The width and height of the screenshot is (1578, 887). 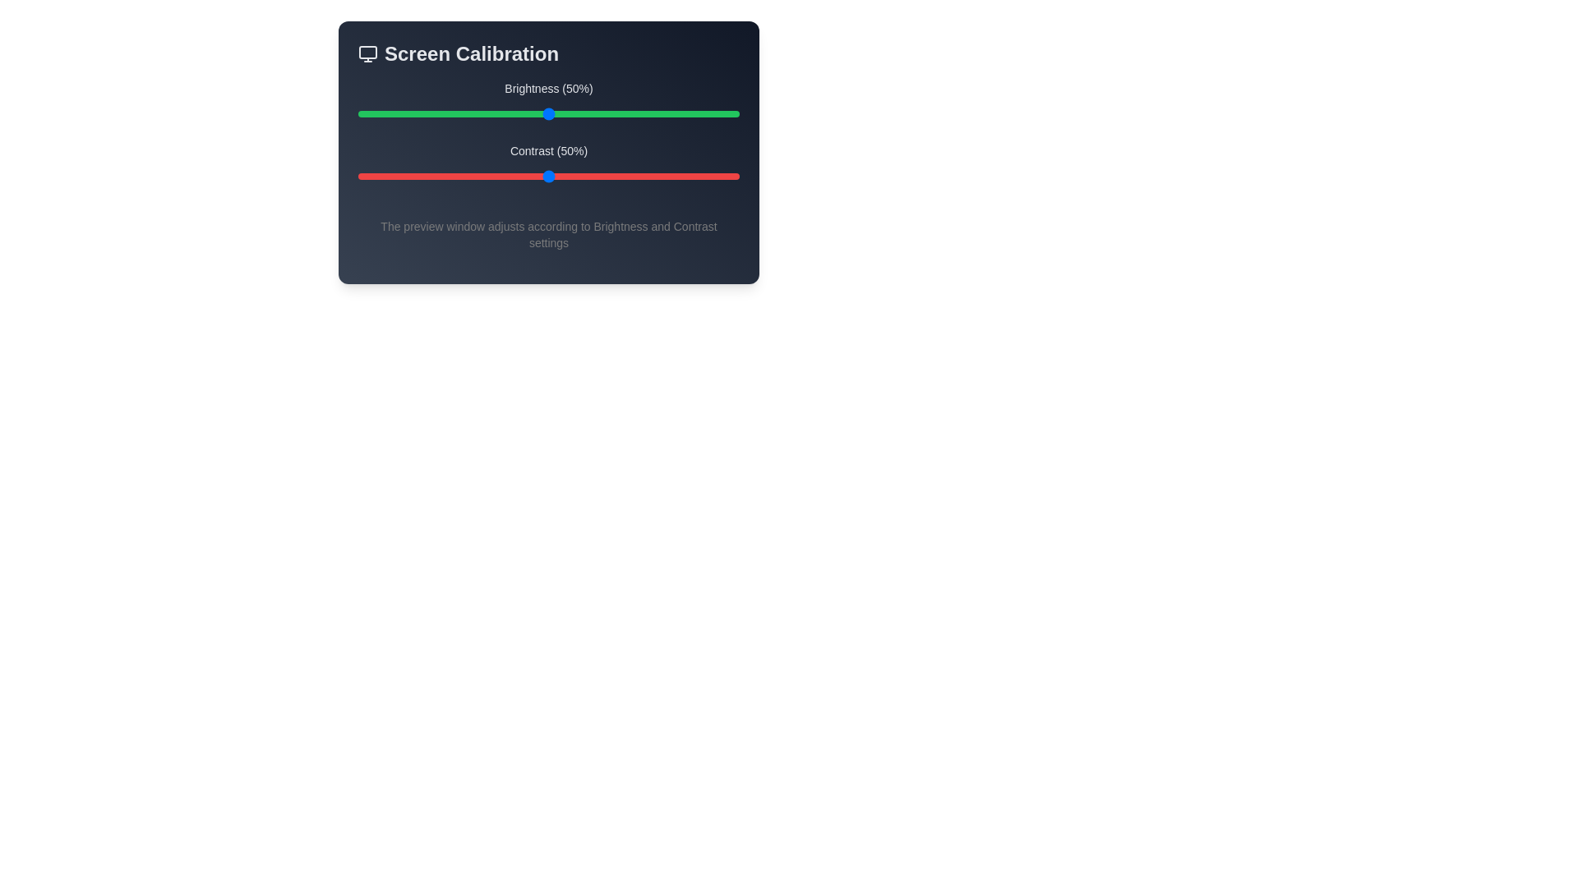 I want to click on the brightness slider to set the brightness level to 53%, so click(x=560, y=113).